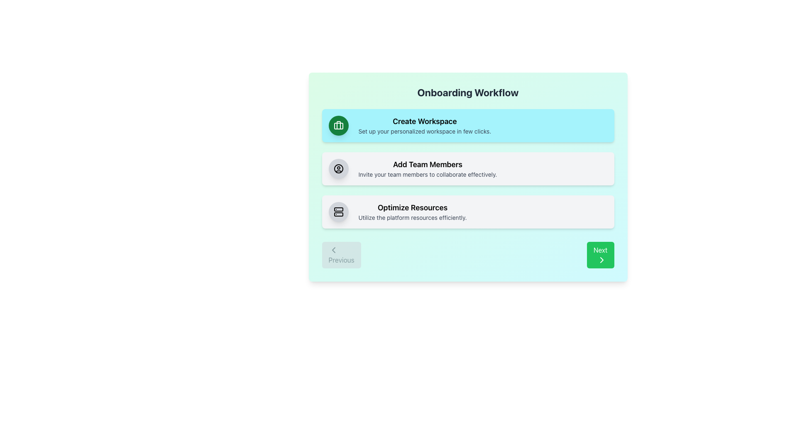 The height and width of the screenshot is (448, 797). Describe the element at coordinates (338, 209) in the screenshot. I see `the topmost rectangular section of the server icon, which serves as a decorative graphic element` at that location.